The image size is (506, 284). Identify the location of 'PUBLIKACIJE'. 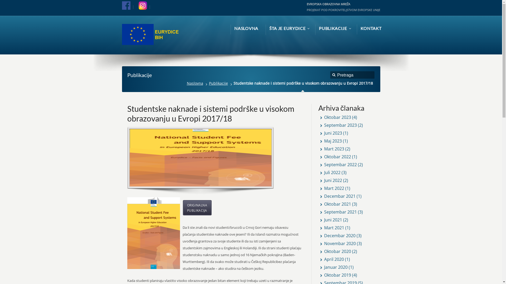
(334, 28).